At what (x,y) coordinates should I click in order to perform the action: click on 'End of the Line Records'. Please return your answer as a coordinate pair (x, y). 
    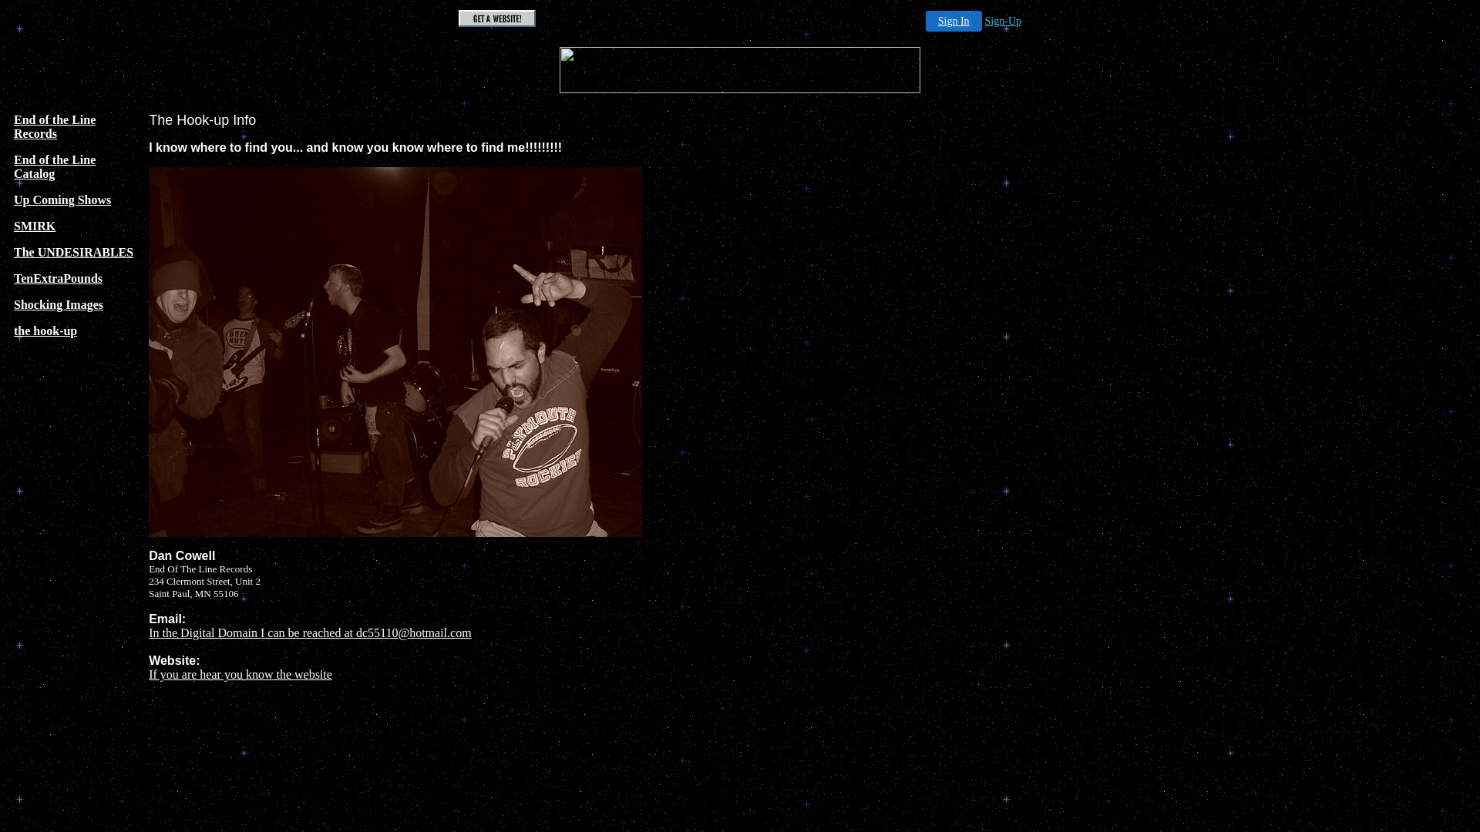
    Looking at the image, I should click on (55, 126).